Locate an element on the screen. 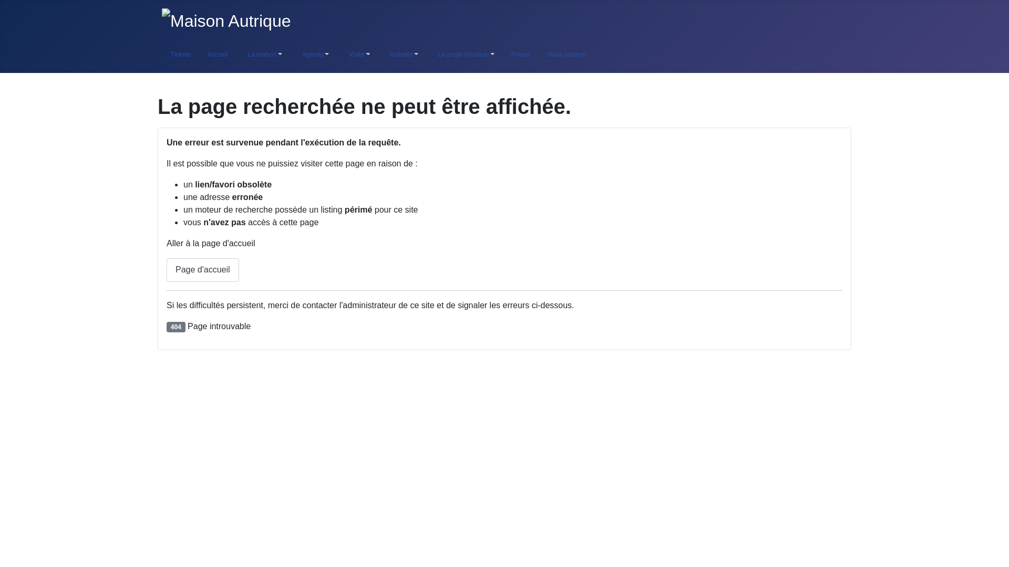 Image resolution: width=1009 pixels, height=567 pixels. 'Agenda' is located at coordinates (313, 55).